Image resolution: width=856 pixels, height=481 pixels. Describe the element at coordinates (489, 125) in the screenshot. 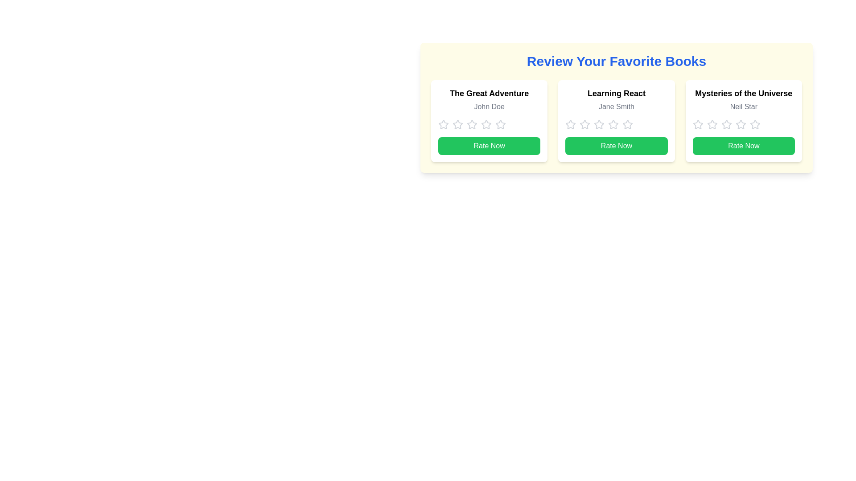

I see `the star in the interactive star rating component for the card labeled 'The Great Adventure' by 'John Doe'` at that location.